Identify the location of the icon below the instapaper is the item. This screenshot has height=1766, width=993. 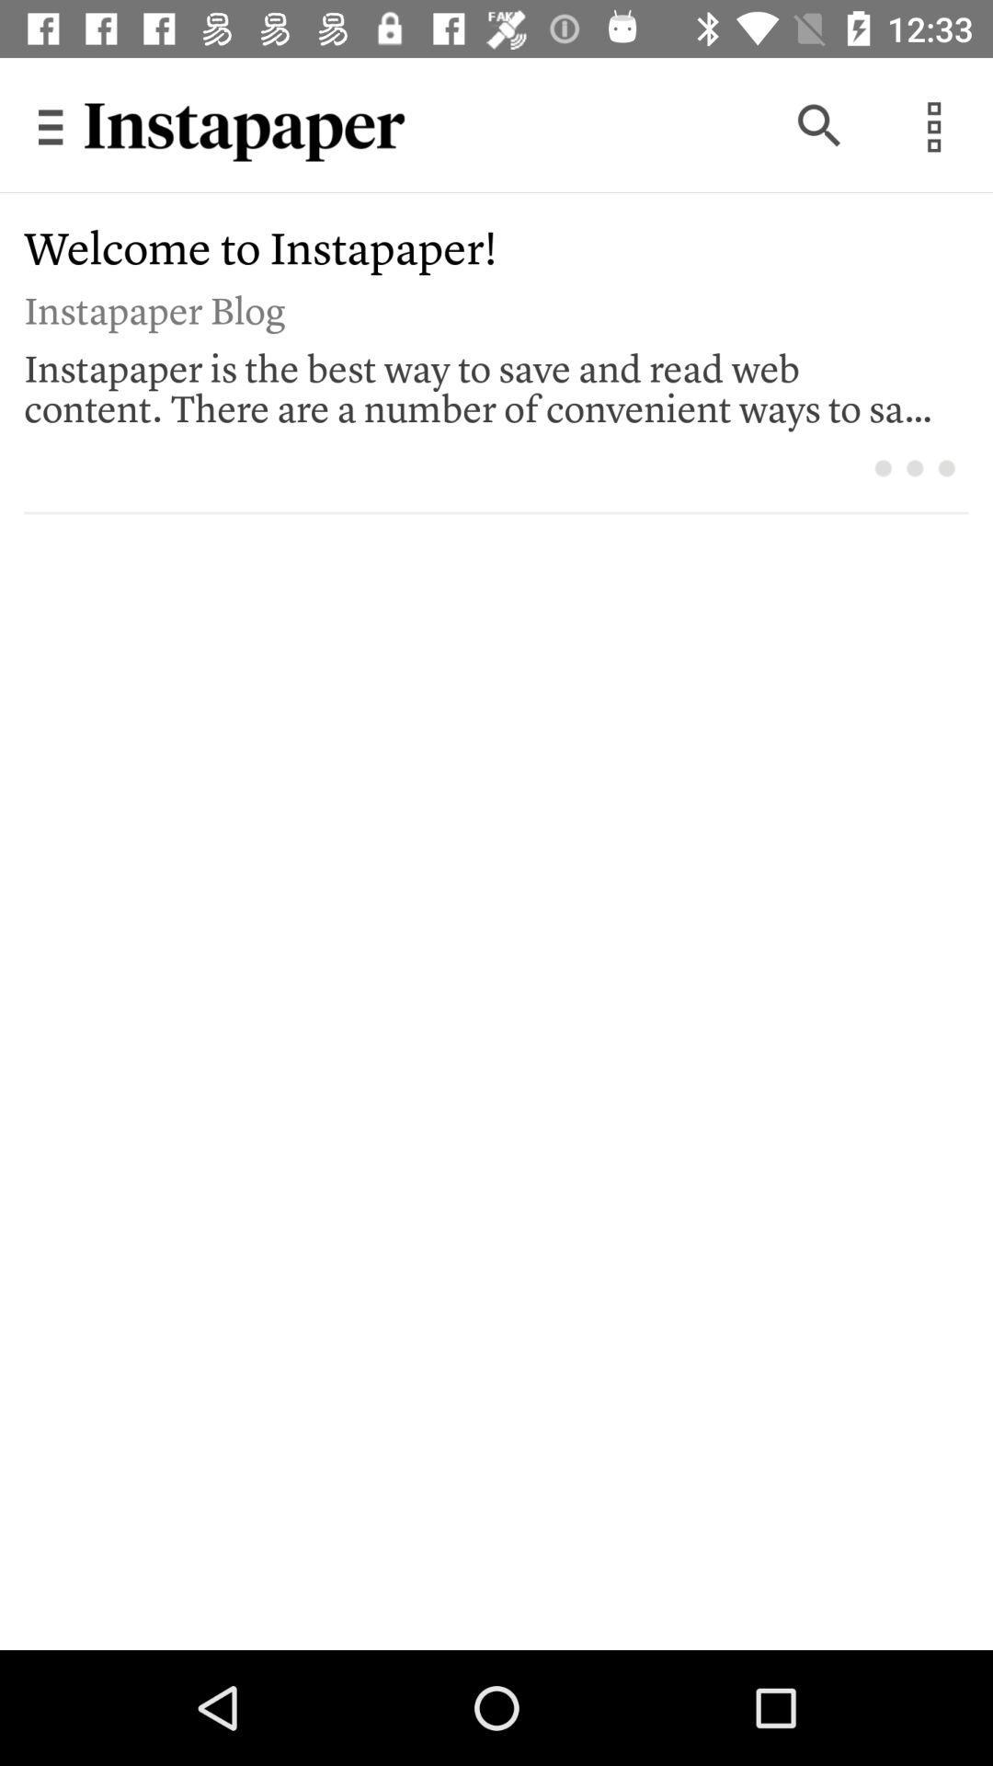
(946, 468).